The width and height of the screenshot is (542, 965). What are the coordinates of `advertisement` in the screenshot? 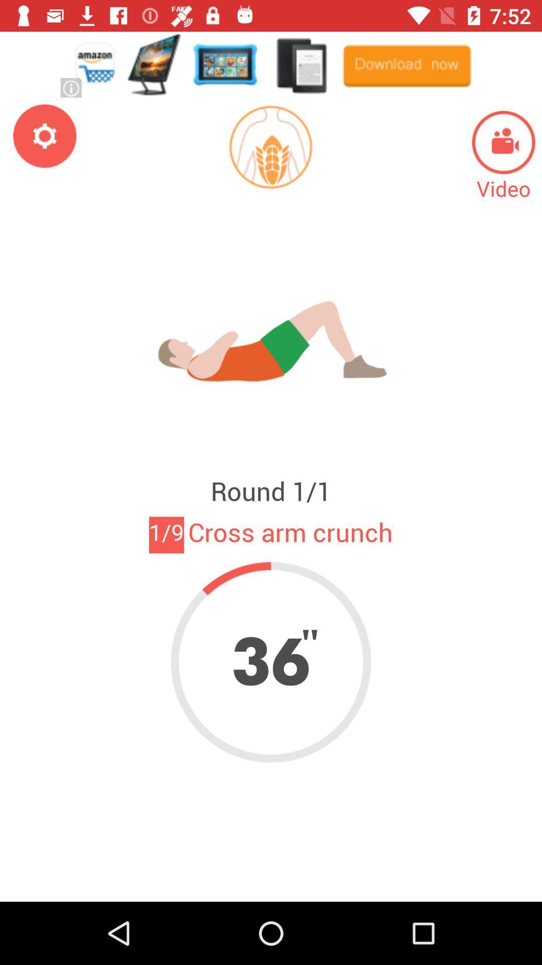 It's located at (271, 64).